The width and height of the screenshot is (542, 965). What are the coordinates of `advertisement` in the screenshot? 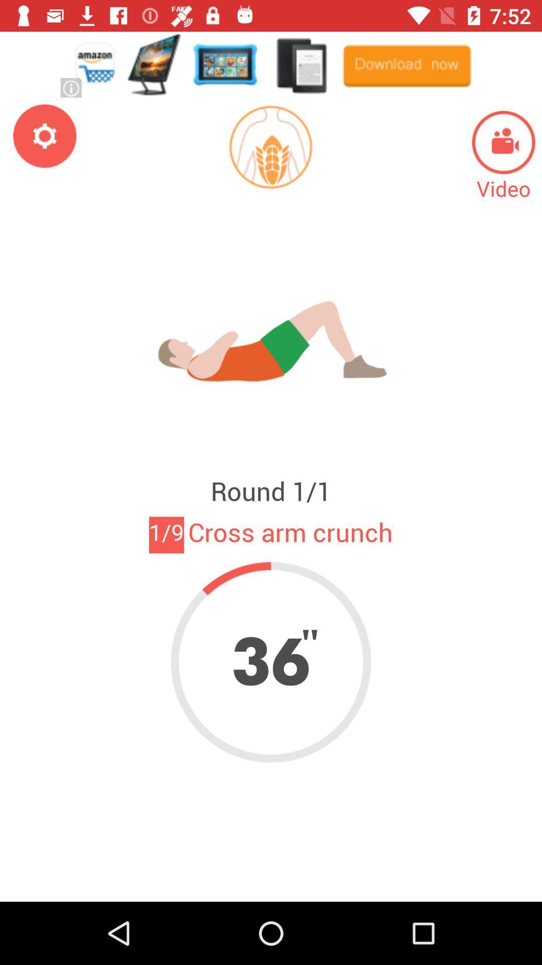 It's located at (271, 64).